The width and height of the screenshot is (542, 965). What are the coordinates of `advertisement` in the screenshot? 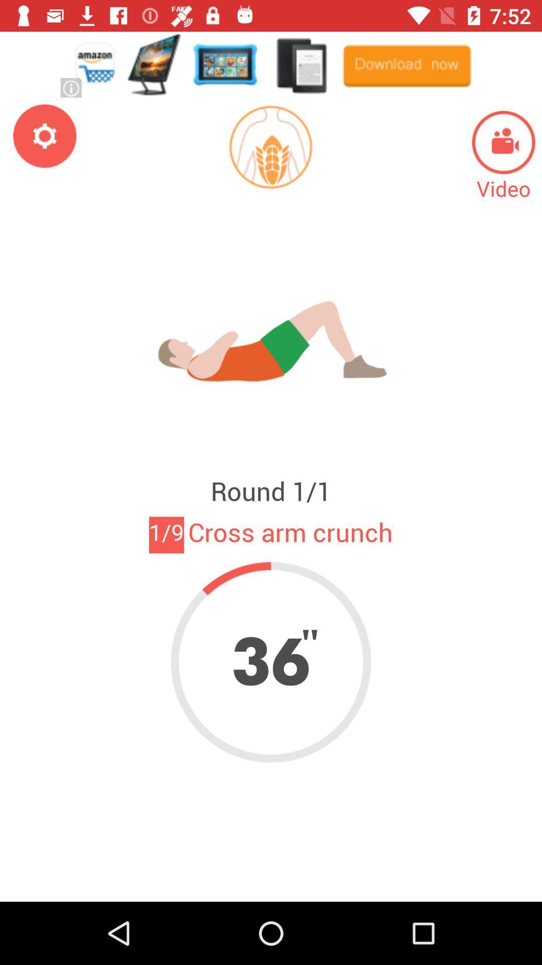 It's located at (271, 64).